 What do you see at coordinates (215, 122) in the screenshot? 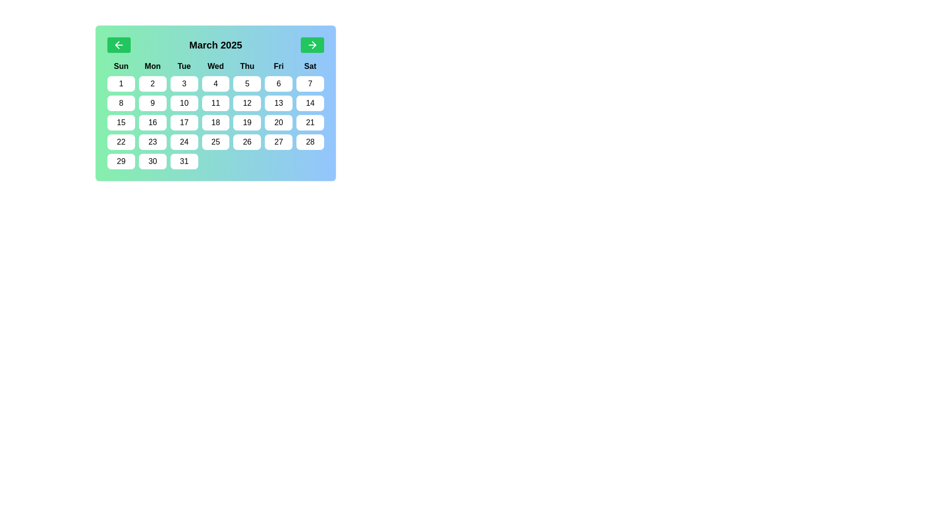
I see `the button representing the calendar date '18', which is a white, rounded rectangle styled with padding around the text, located in the fourth column of the fourth row of a grid layout` at bounding box center [215, 122].